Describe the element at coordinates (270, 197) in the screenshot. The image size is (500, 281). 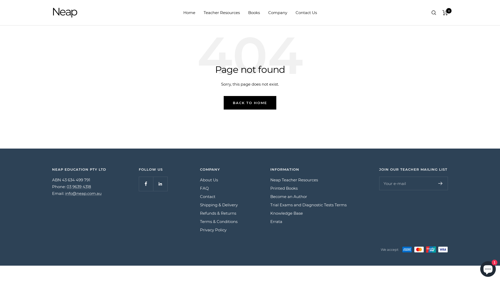
I see `'Become an Author'` at that location.